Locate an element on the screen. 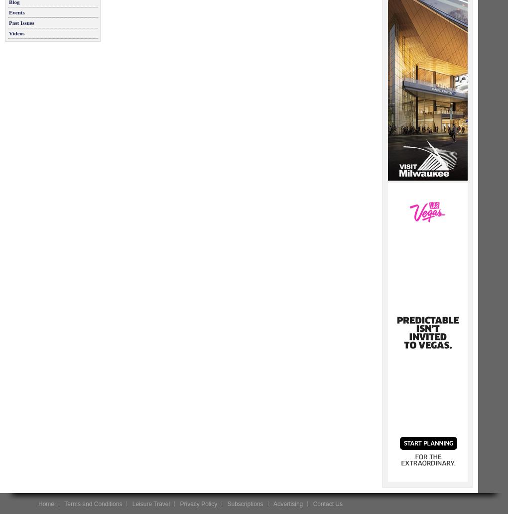 Image resolution: width=508 pixels, height=514 pixels. 'Advertising' is located at coordinates (288, 503).